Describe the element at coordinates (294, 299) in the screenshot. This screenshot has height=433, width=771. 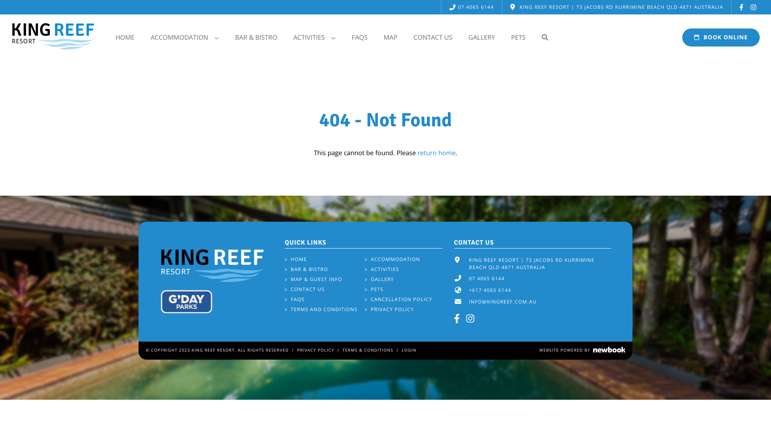
I see `'FAQS'` at that location.